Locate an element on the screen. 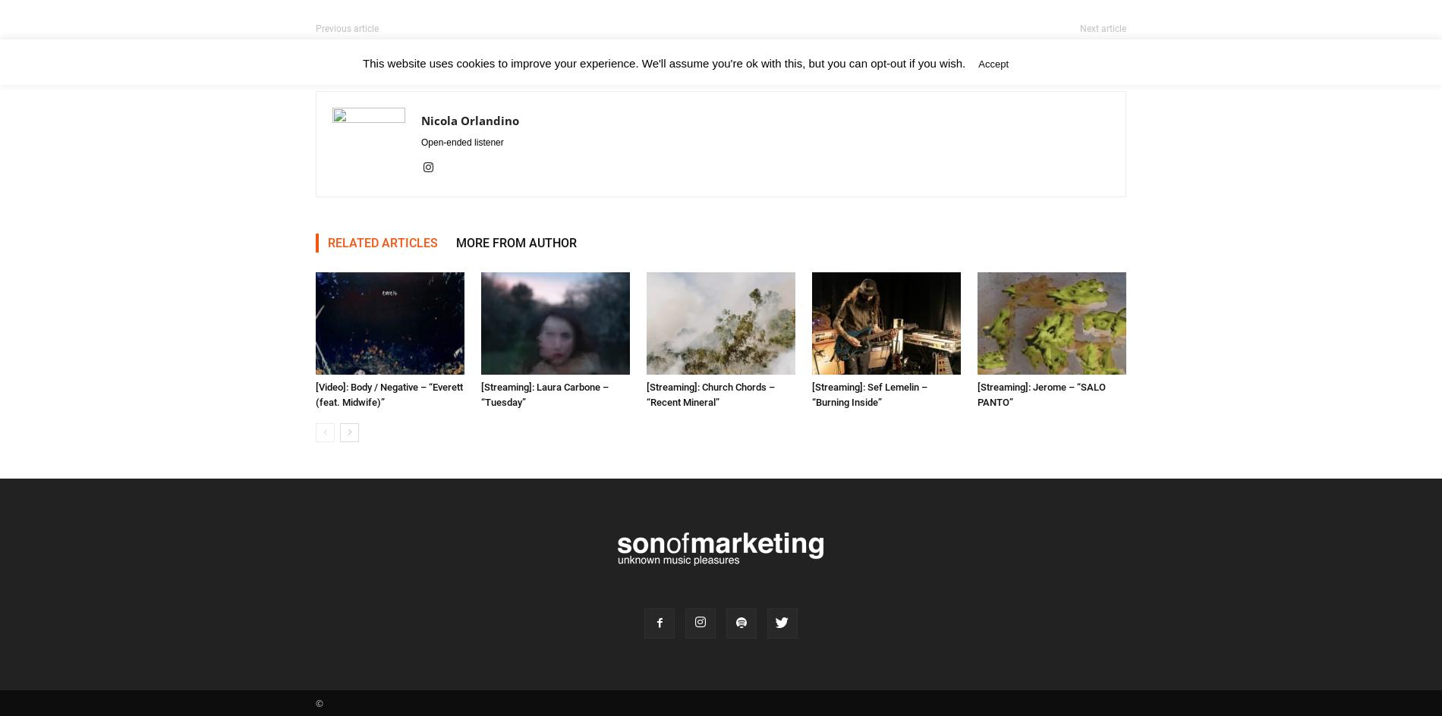 This screenshot has width=1442, height=716. '[Streaming]: Laura Carbone – “Tuesday”' is located at coordinates (544, 394).